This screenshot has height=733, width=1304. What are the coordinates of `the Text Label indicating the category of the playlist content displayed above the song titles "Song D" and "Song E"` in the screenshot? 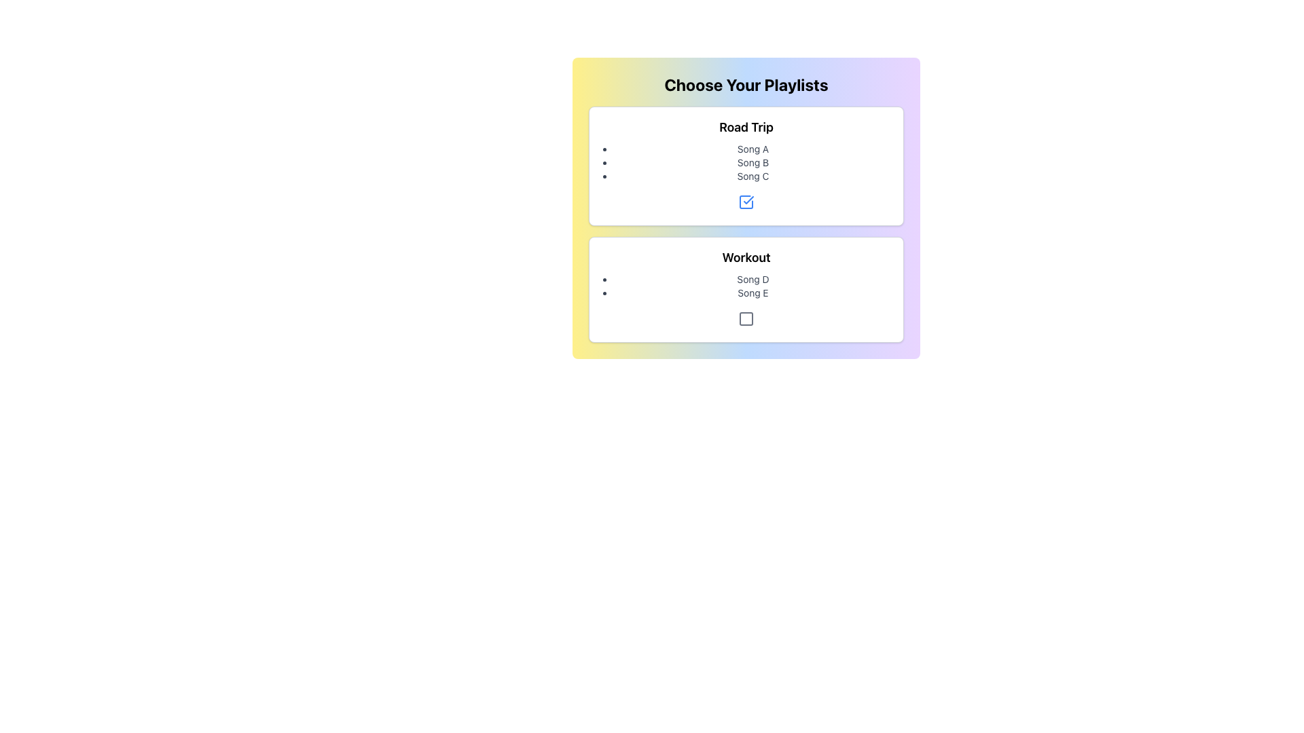 It's located at (746, 258).